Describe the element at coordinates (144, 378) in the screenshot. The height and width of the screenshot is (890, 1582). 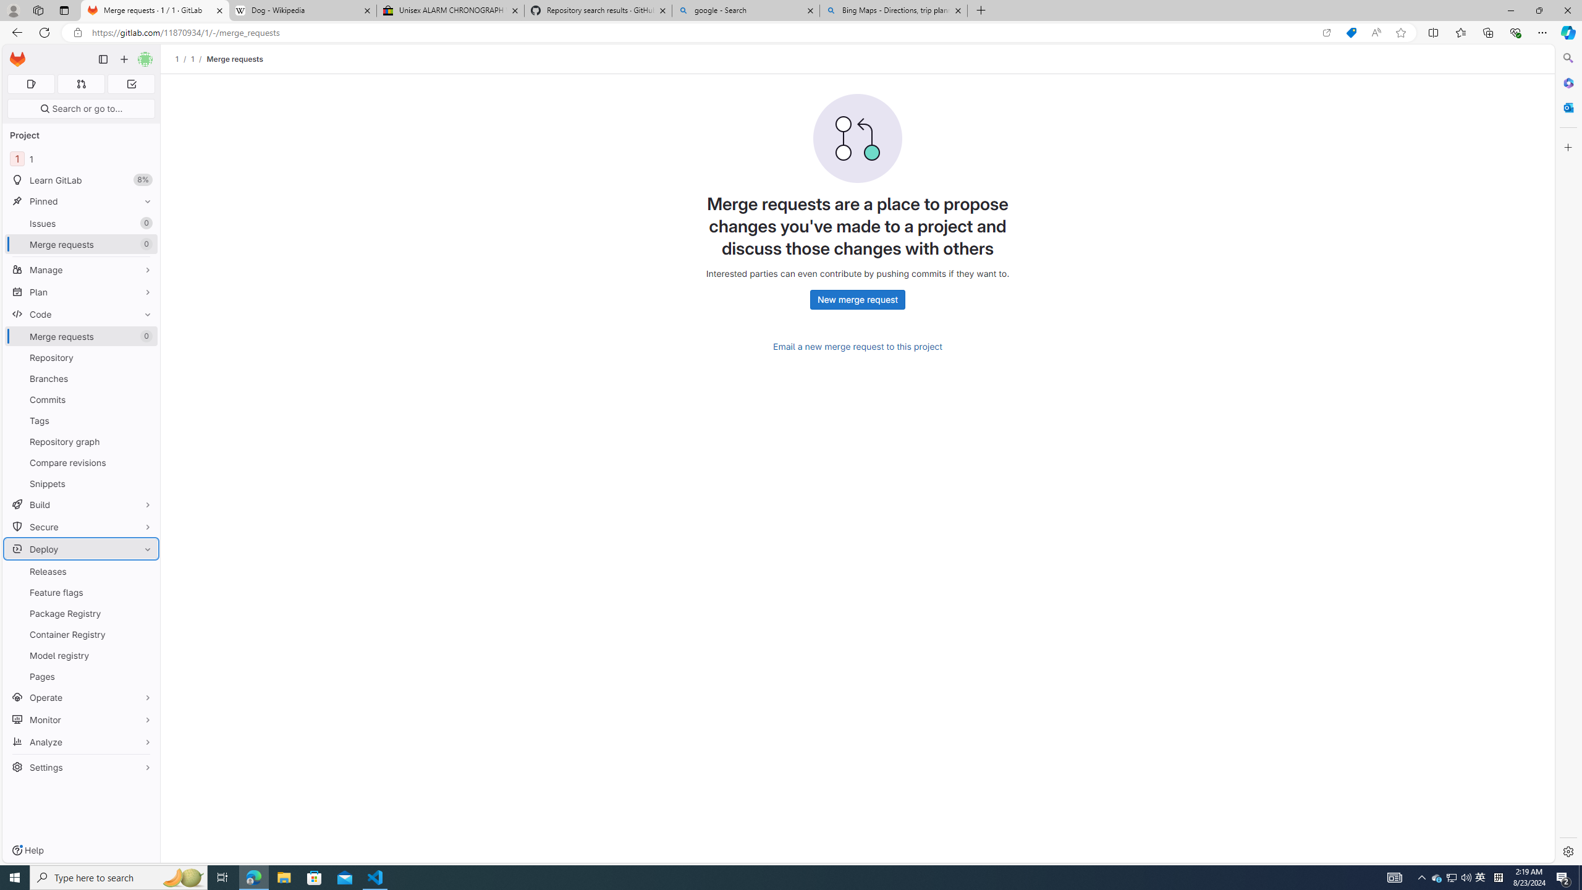
I see `'Pin Branches'` at that location.